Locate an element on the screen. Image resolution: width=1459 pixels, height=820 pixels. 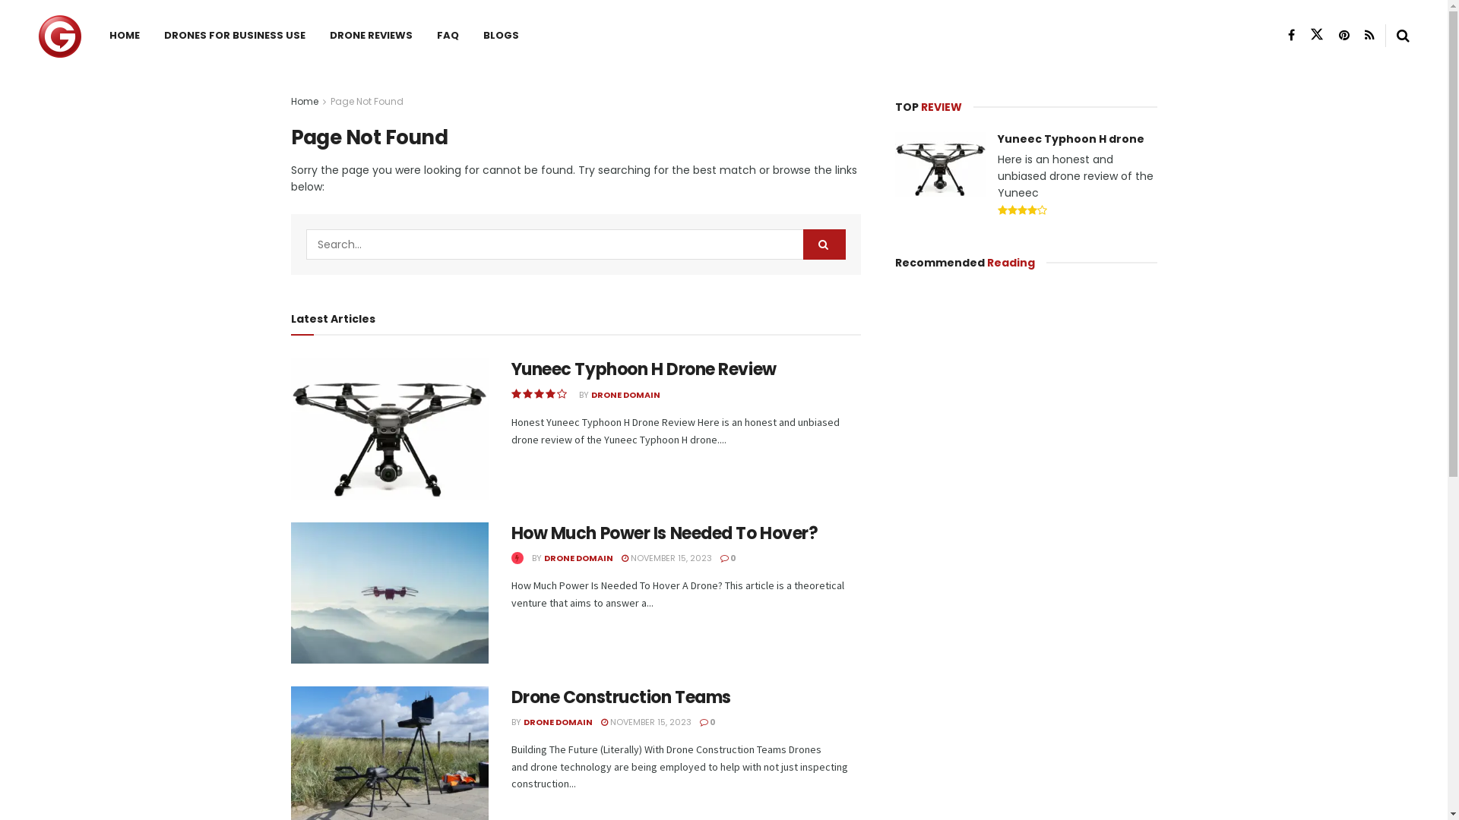
'HOME' is located at coordinates (97, 34).